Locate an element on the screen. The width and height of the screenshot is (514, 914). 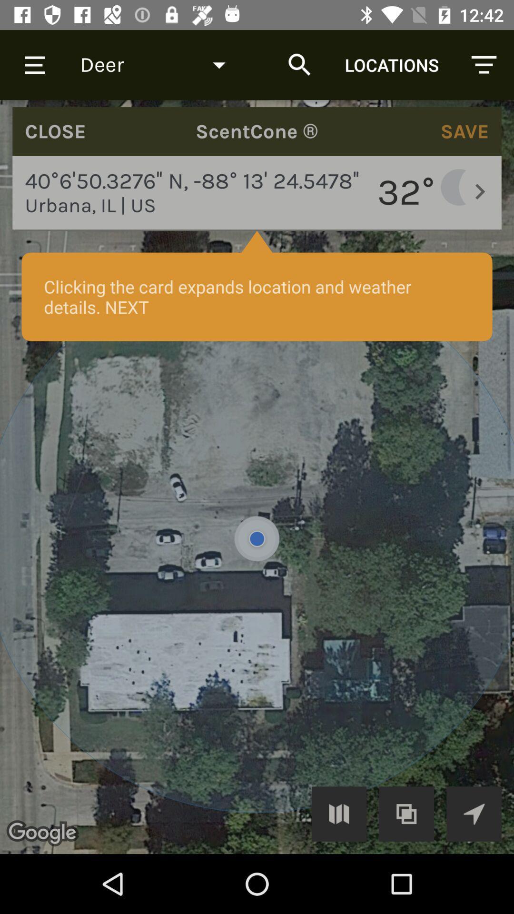
aeroplan is located at coordinates (474, 813).